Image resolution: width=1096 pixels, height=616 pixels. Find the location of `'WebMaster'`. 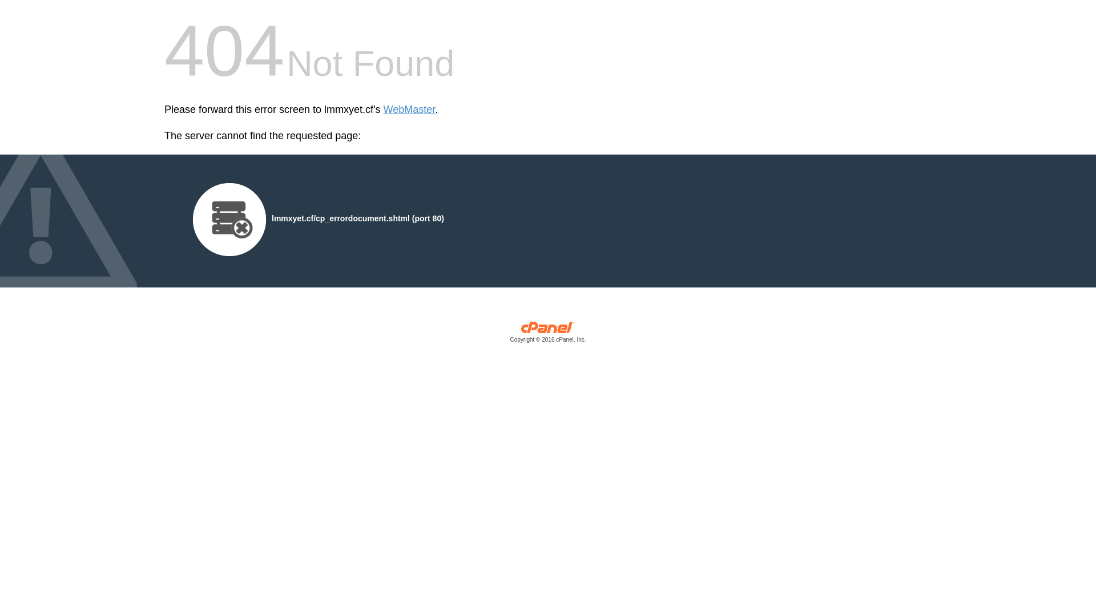

'WebMaster' is located at coordinates (409, 110).